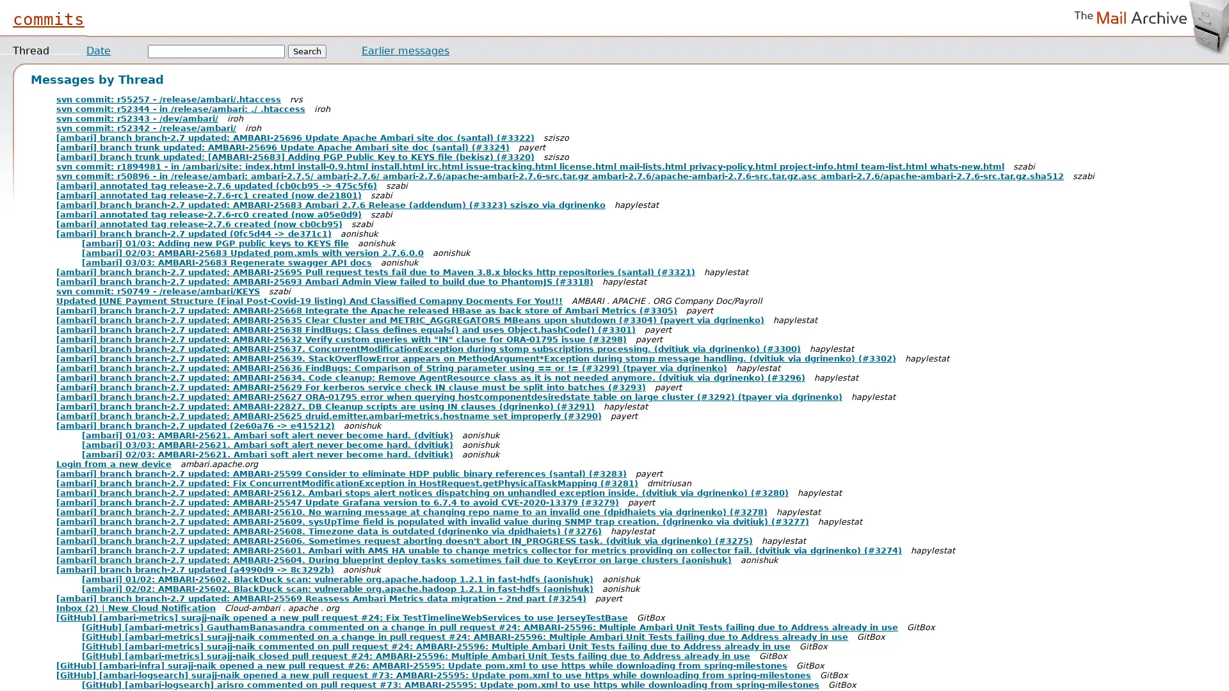 The image size is (1229, 691). What do you see at coordinates (307, 51) in the screenshot?
I see `Search` at bounding box center [307, 51].